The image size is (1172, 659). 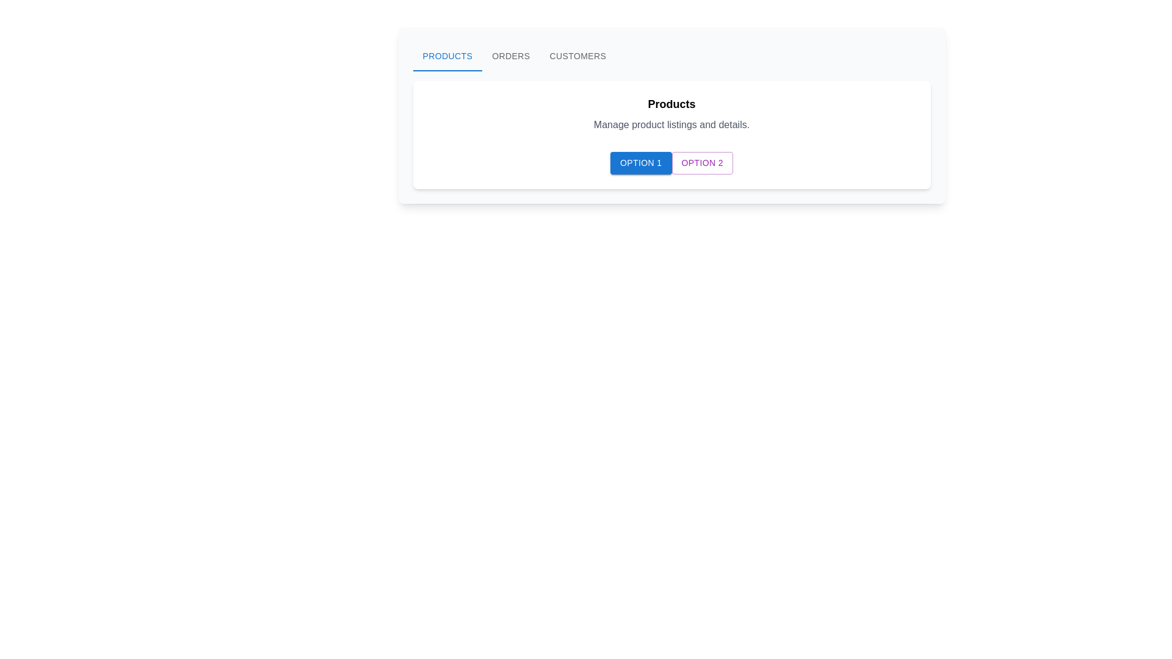 I want to click on the text label that says 'Manage product listings and details.' which is styled in gray and positioned below the 'Products' heading, so click(x=671, y=124).